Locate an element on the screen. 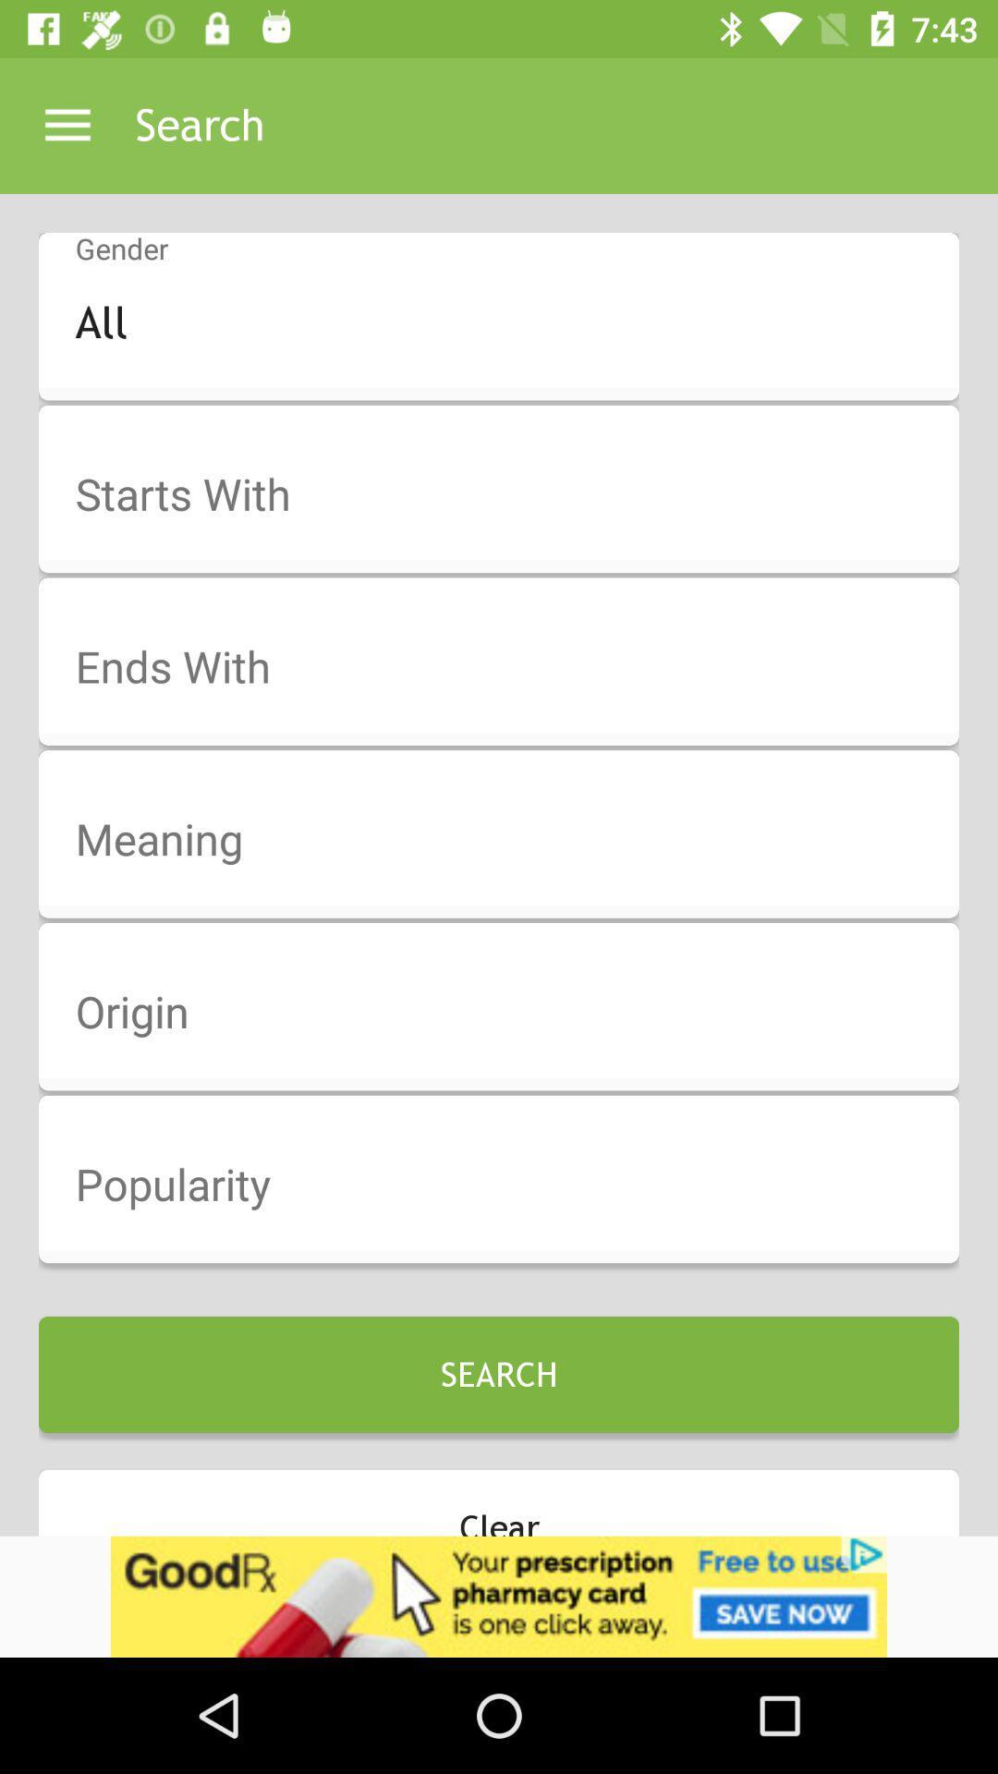 This screenshot has height=1774, width=998. sounds the meaning of a name is located at coordinates (511, 840).